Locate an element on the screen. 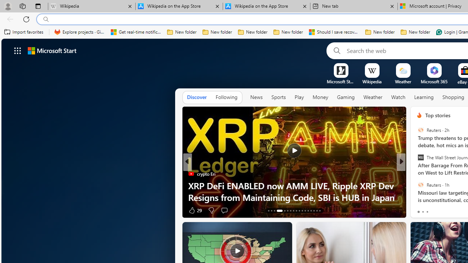 Image resolution: width=468 pixels, height=263 pixels. '11 Like' is located at coordinates (420, 210).